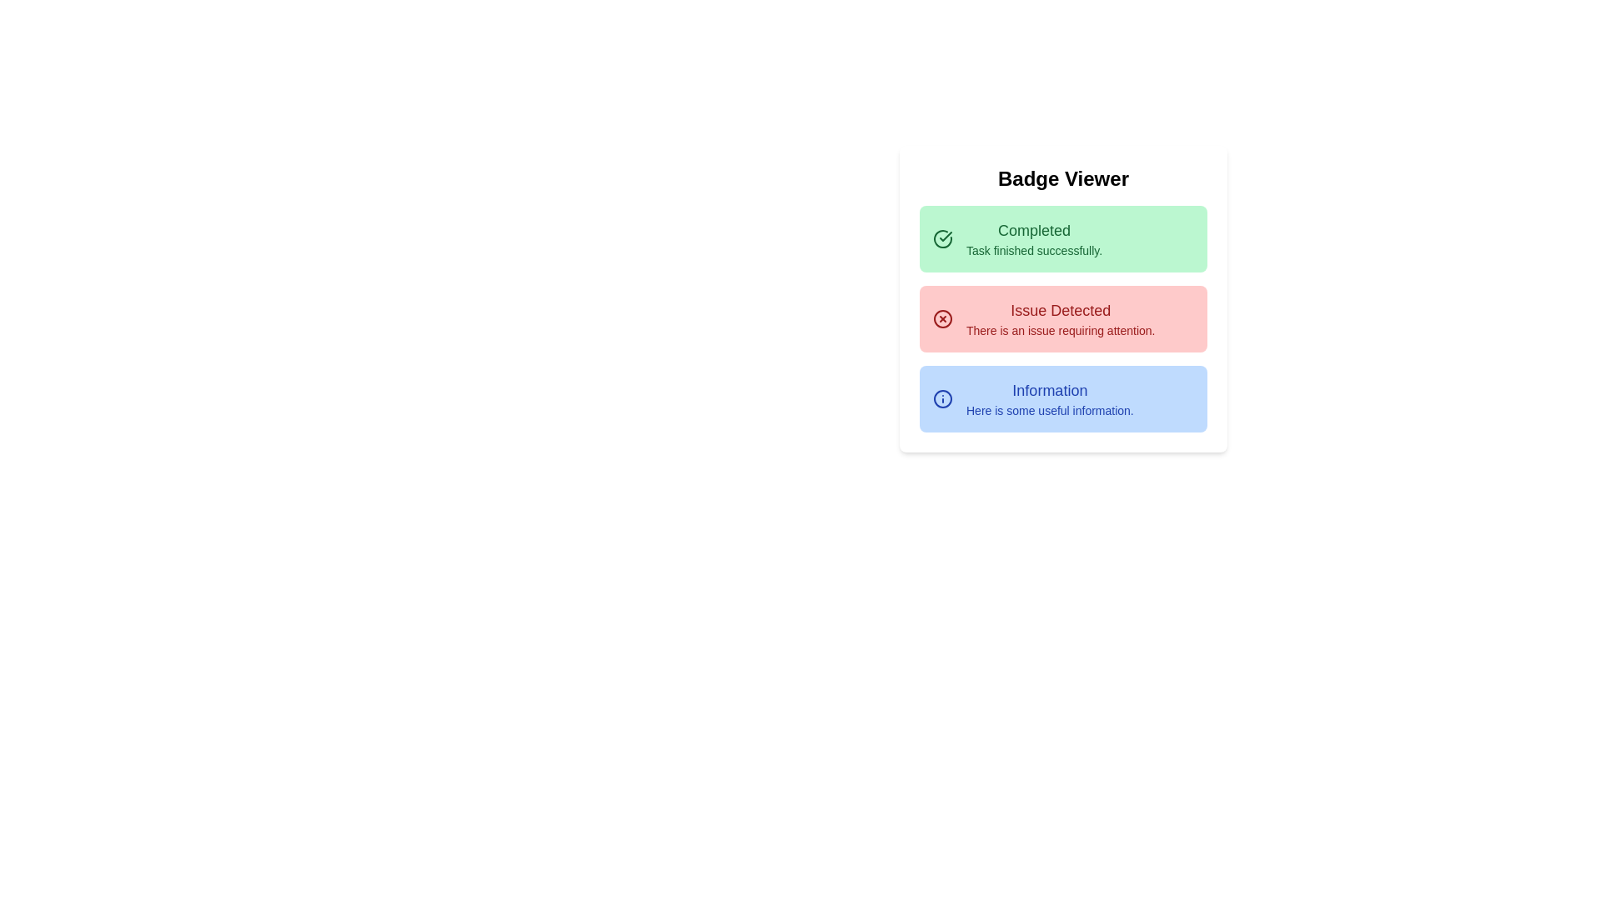 The width and height of the screenshot is (1601, 900). Describe the element at coordinates (943, 318) in the screenshot. I see `the notification icon indicating an issue detected, located in the second row of the 'Badge Viewer' section, left of the 'Issue Detected' message` at that location.